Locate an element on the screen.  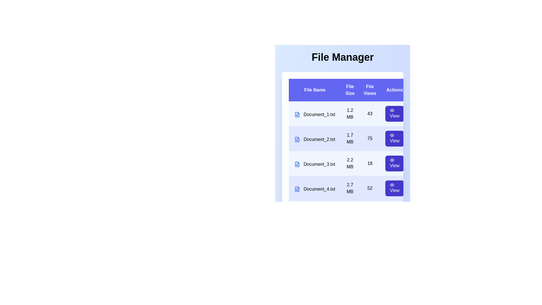
the 'View' button for the file with name Document_4.txt is located at coordinates (394, 188).